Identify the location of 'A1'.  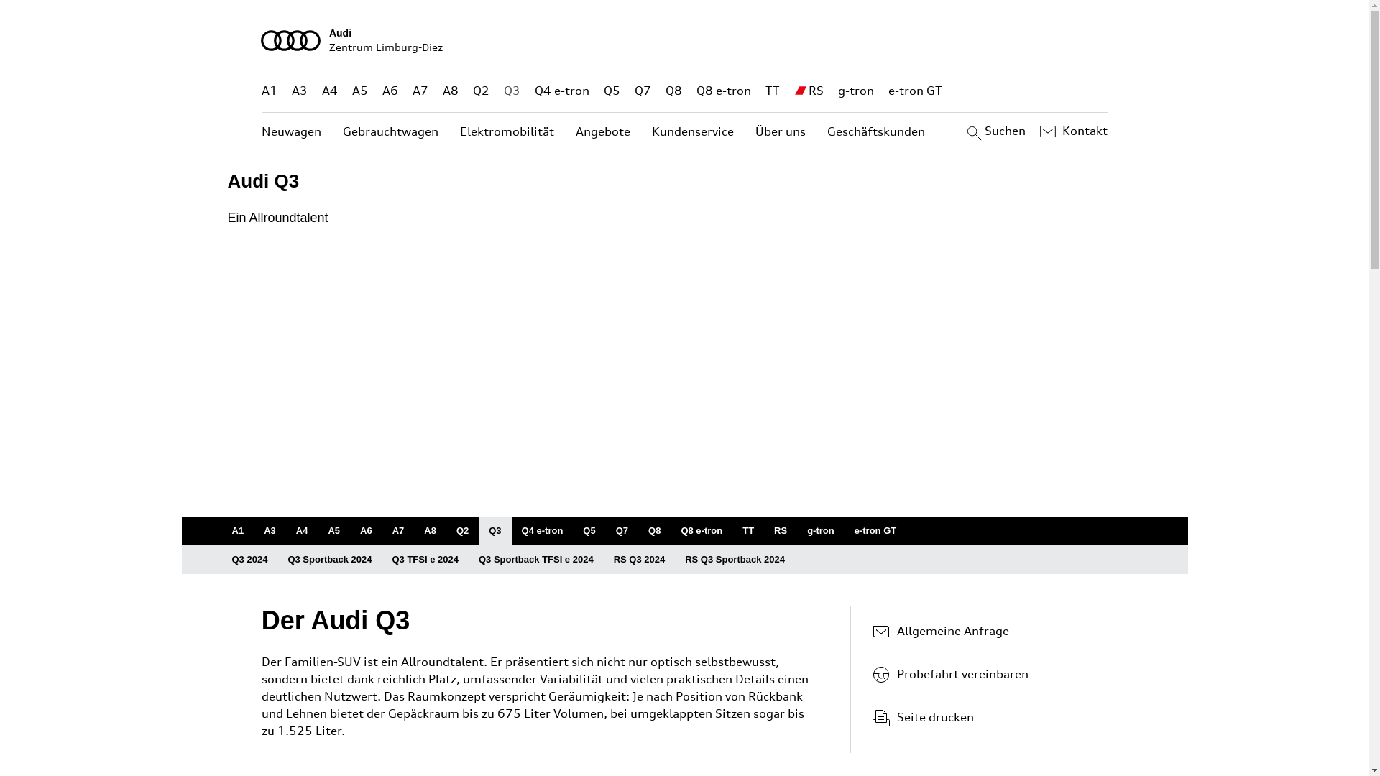
(237, 531).